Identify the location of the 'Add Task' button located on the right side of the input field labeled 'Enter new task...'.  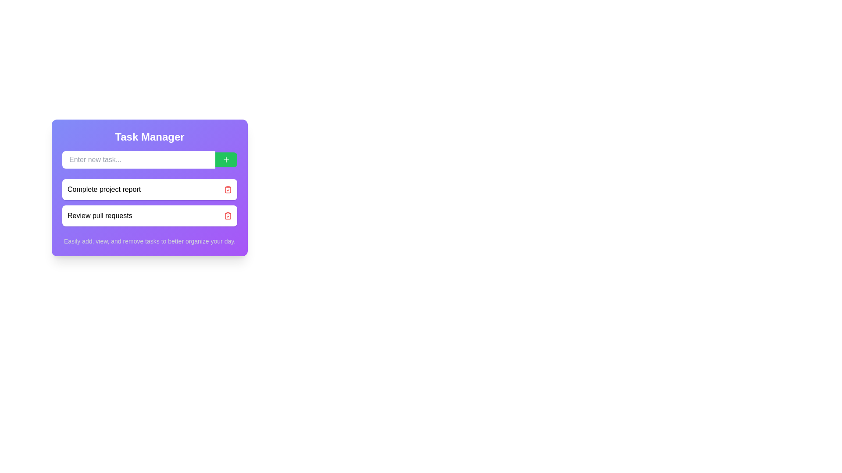
(226, 160).